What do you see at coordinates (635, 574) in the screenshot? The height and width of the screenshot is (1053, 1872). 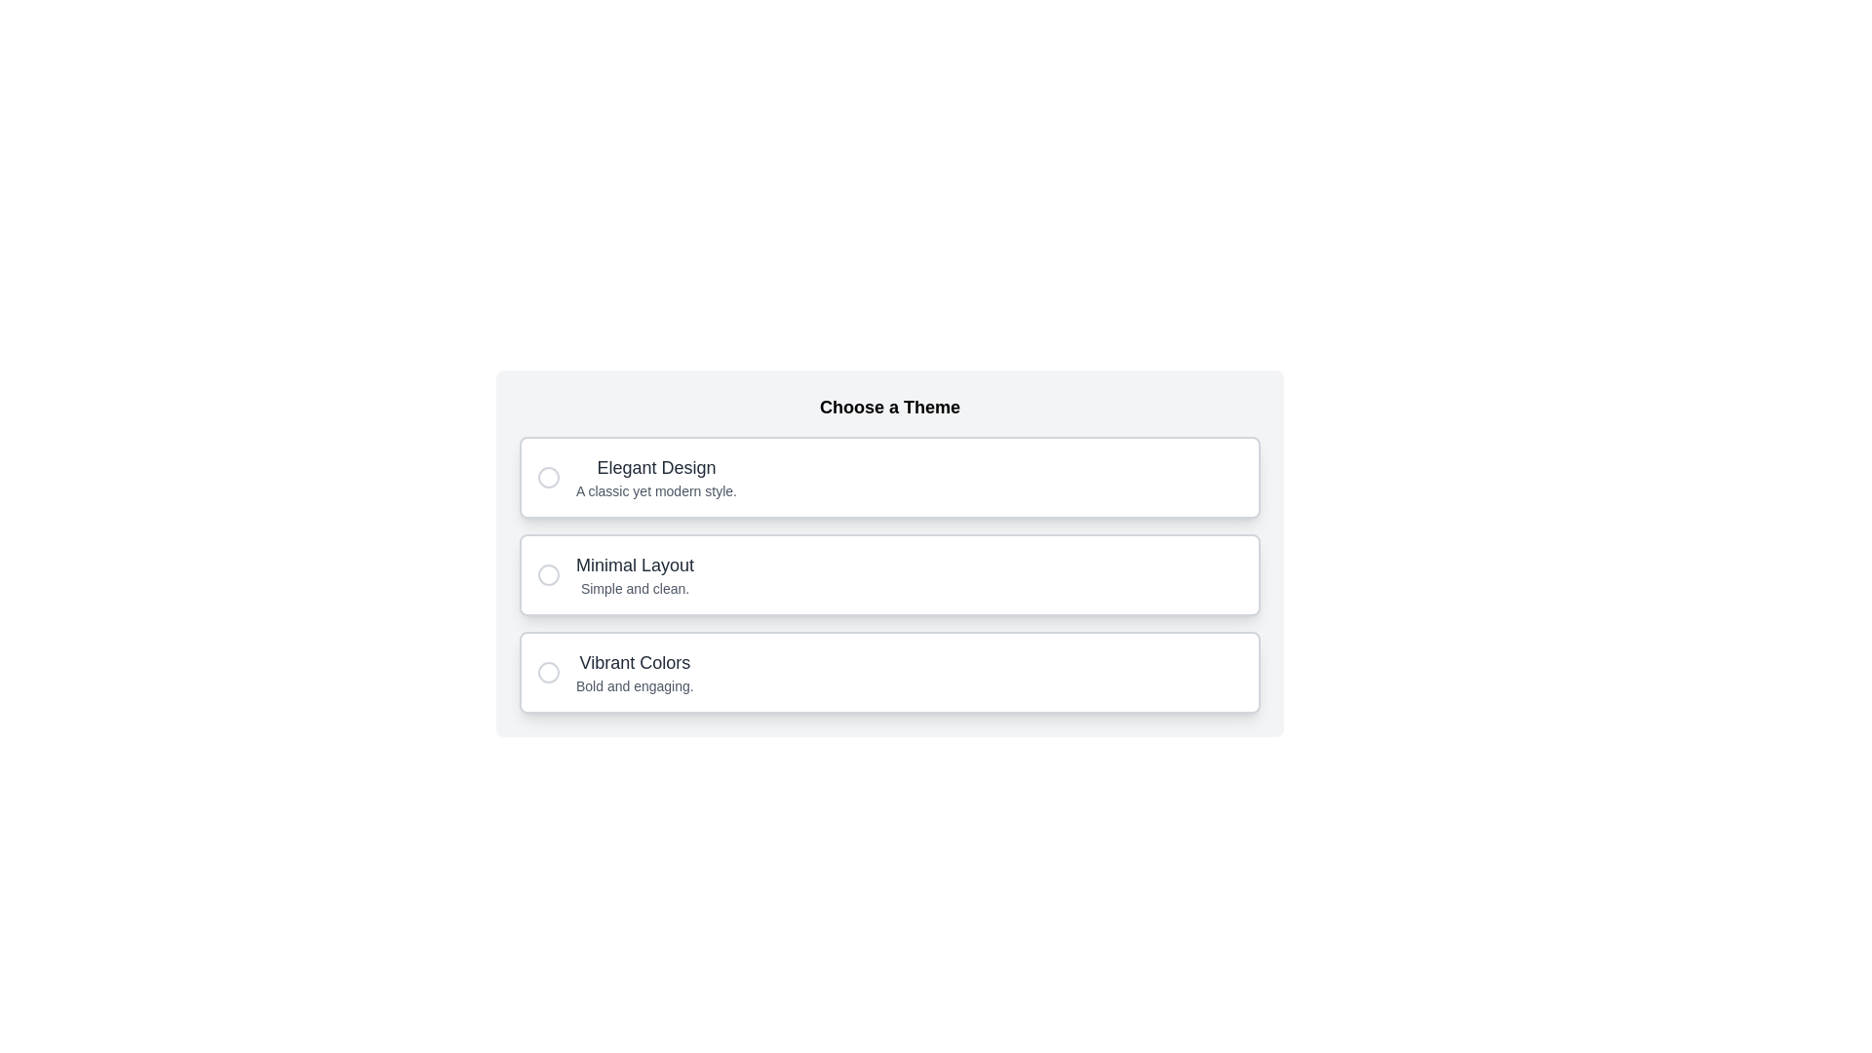 I see `the 'Minimal Layout' theme option in the text block` at bounding box center [635, 574].